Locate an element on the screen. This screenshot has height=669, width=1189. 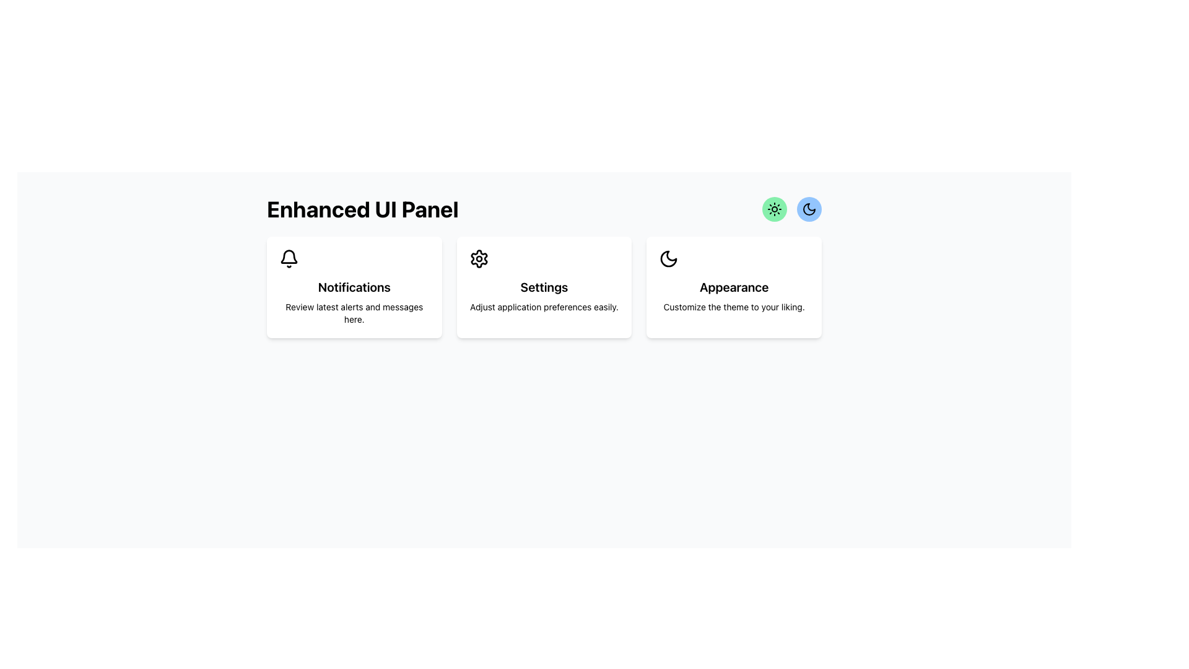
the Notifications card icon located at the top-left corner of the card to view notifications is located at coordinates (288, 258).